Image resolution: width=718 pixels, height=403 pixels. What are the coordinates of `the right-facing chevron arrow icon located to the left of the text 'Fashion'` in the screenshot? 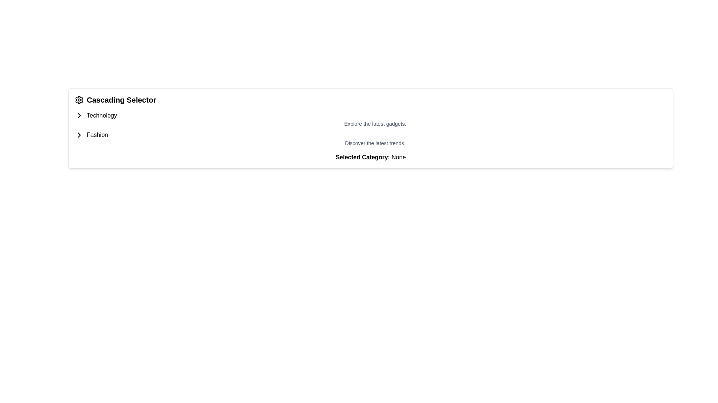 It's located at (79, 135).